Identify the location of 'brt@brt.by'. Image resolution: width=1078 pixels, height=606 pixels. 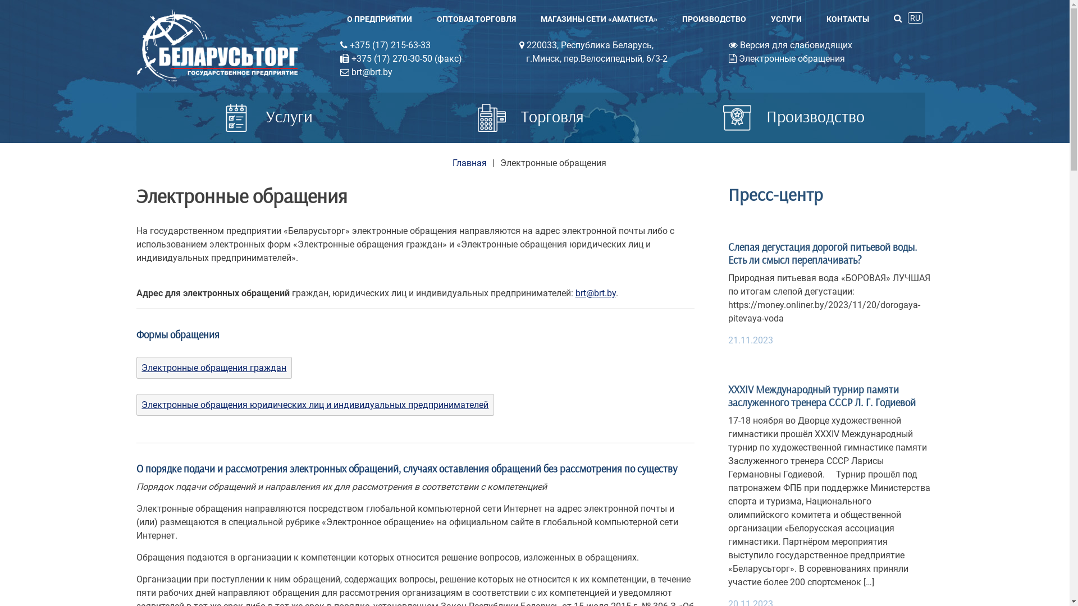
(366, 72).